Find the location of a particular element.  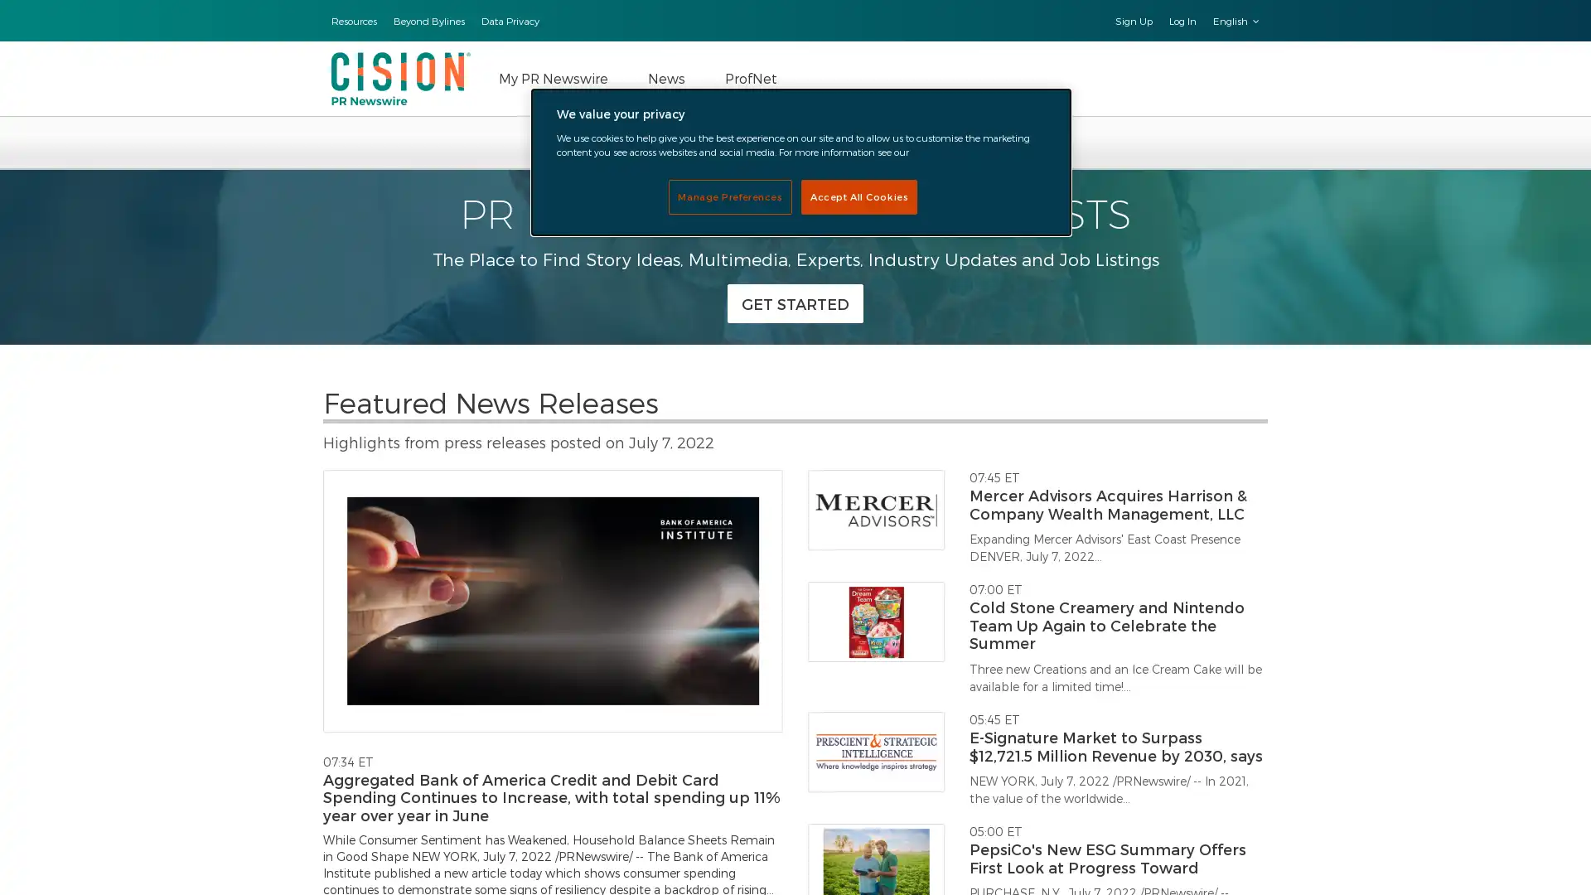

Accept All Cookies is located at coordinates (858, 195).